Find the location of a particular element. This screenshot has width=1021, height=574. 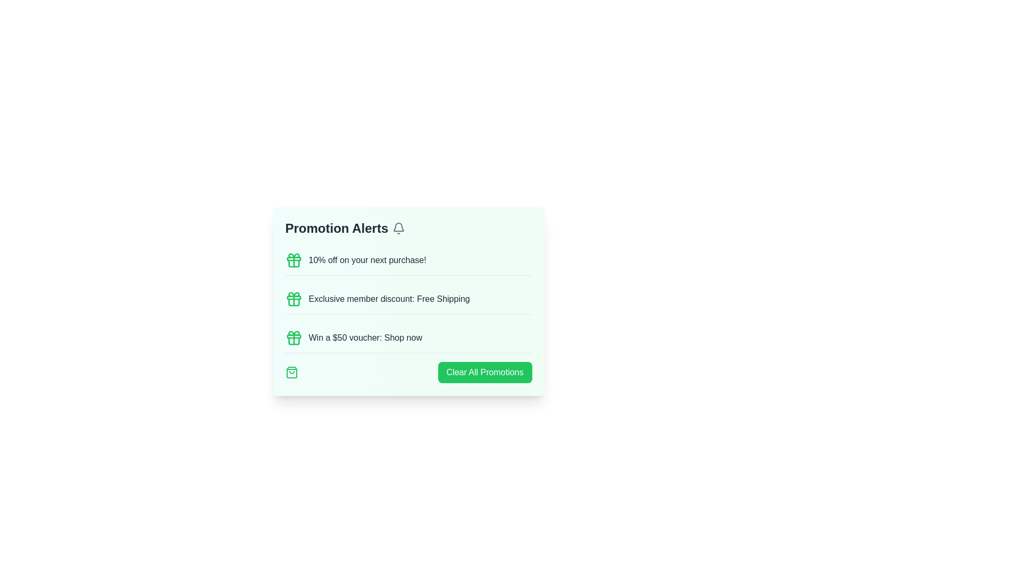

the icon located at the top-left corner of the 'Clear All Promotions' button is located at coordinates (291, 372).